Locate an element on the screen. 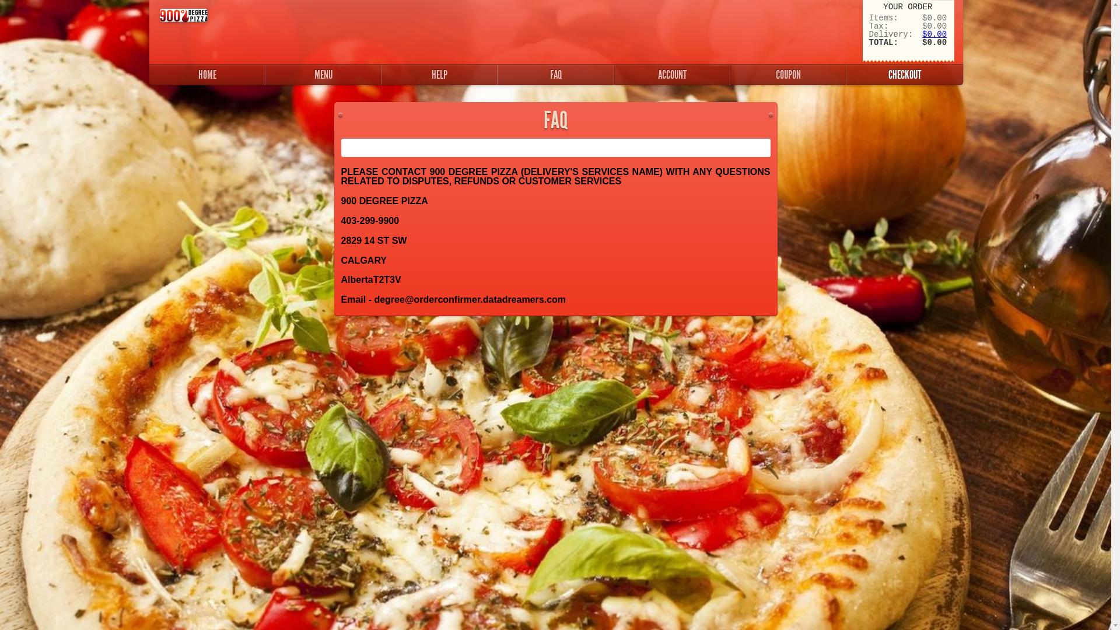  'CHECKOUT' is located at coordinates (904, 75).